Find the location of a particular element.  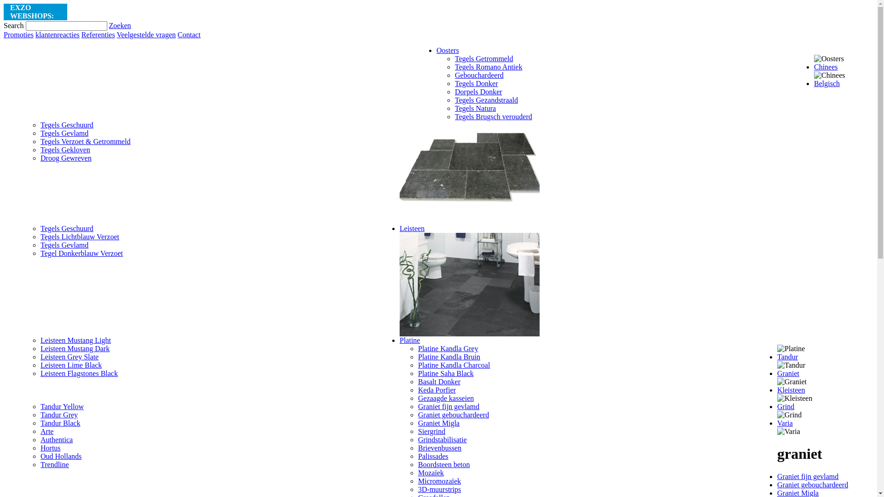

'Boordsteen beton' is located at coordinates (444, 464).